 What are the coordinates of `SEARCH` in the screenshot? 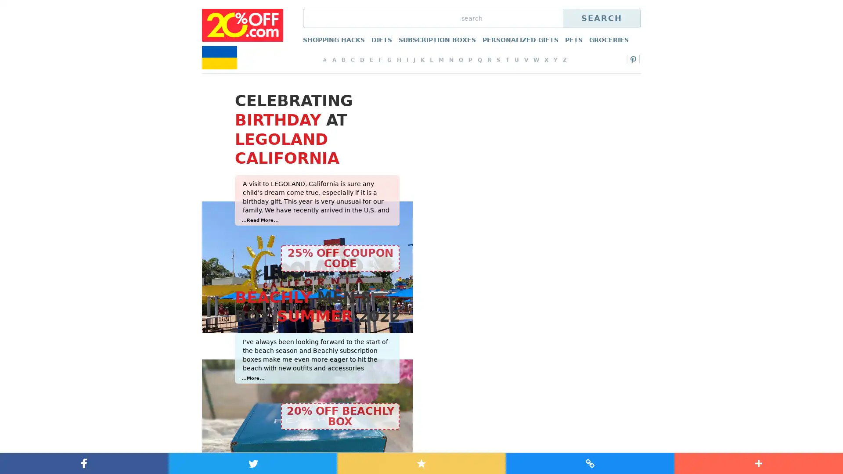 It's located at (601, 18).